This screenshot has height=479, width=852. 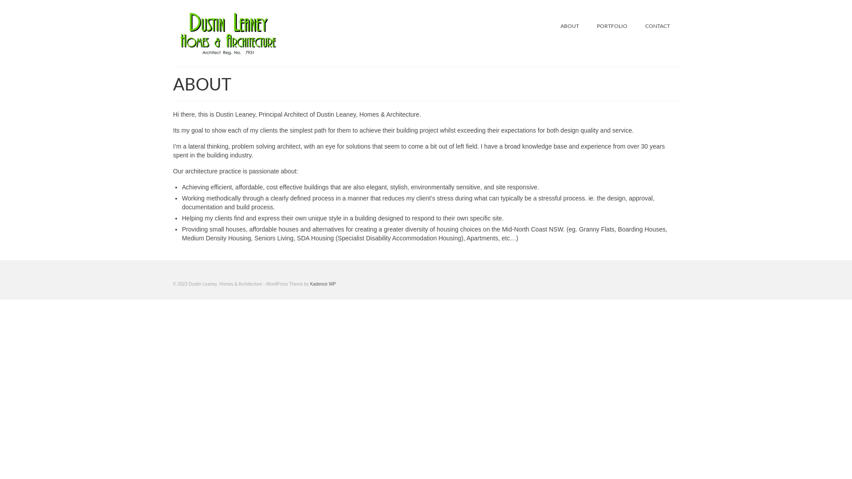 What do you see at coordinates (611, 25) in the screenshot?
I see `'PORTFOLIO'` at bounding box center [611, 25].